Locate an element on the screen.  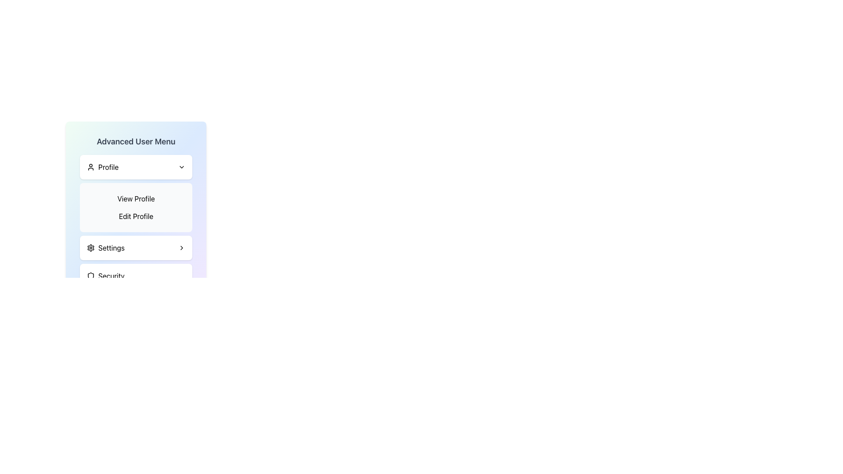
the gear icon, which is a minimalistic black cog shape located to the left of the 'Settings' text label in the menu interface is located at coordinates (90, 248).